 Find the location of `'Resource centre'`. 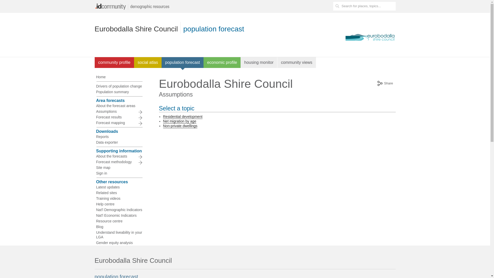

'Resource centre' is located at coordinates (119, 221).